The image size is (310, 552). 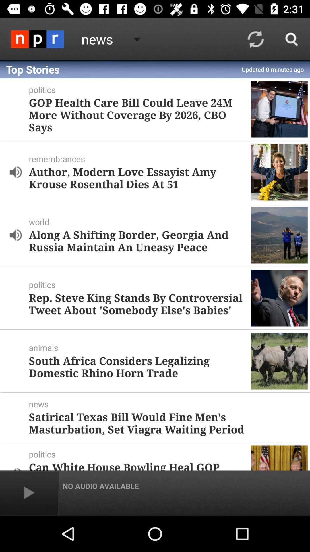 I want to click on reload icon, so click(x=255, y=39).